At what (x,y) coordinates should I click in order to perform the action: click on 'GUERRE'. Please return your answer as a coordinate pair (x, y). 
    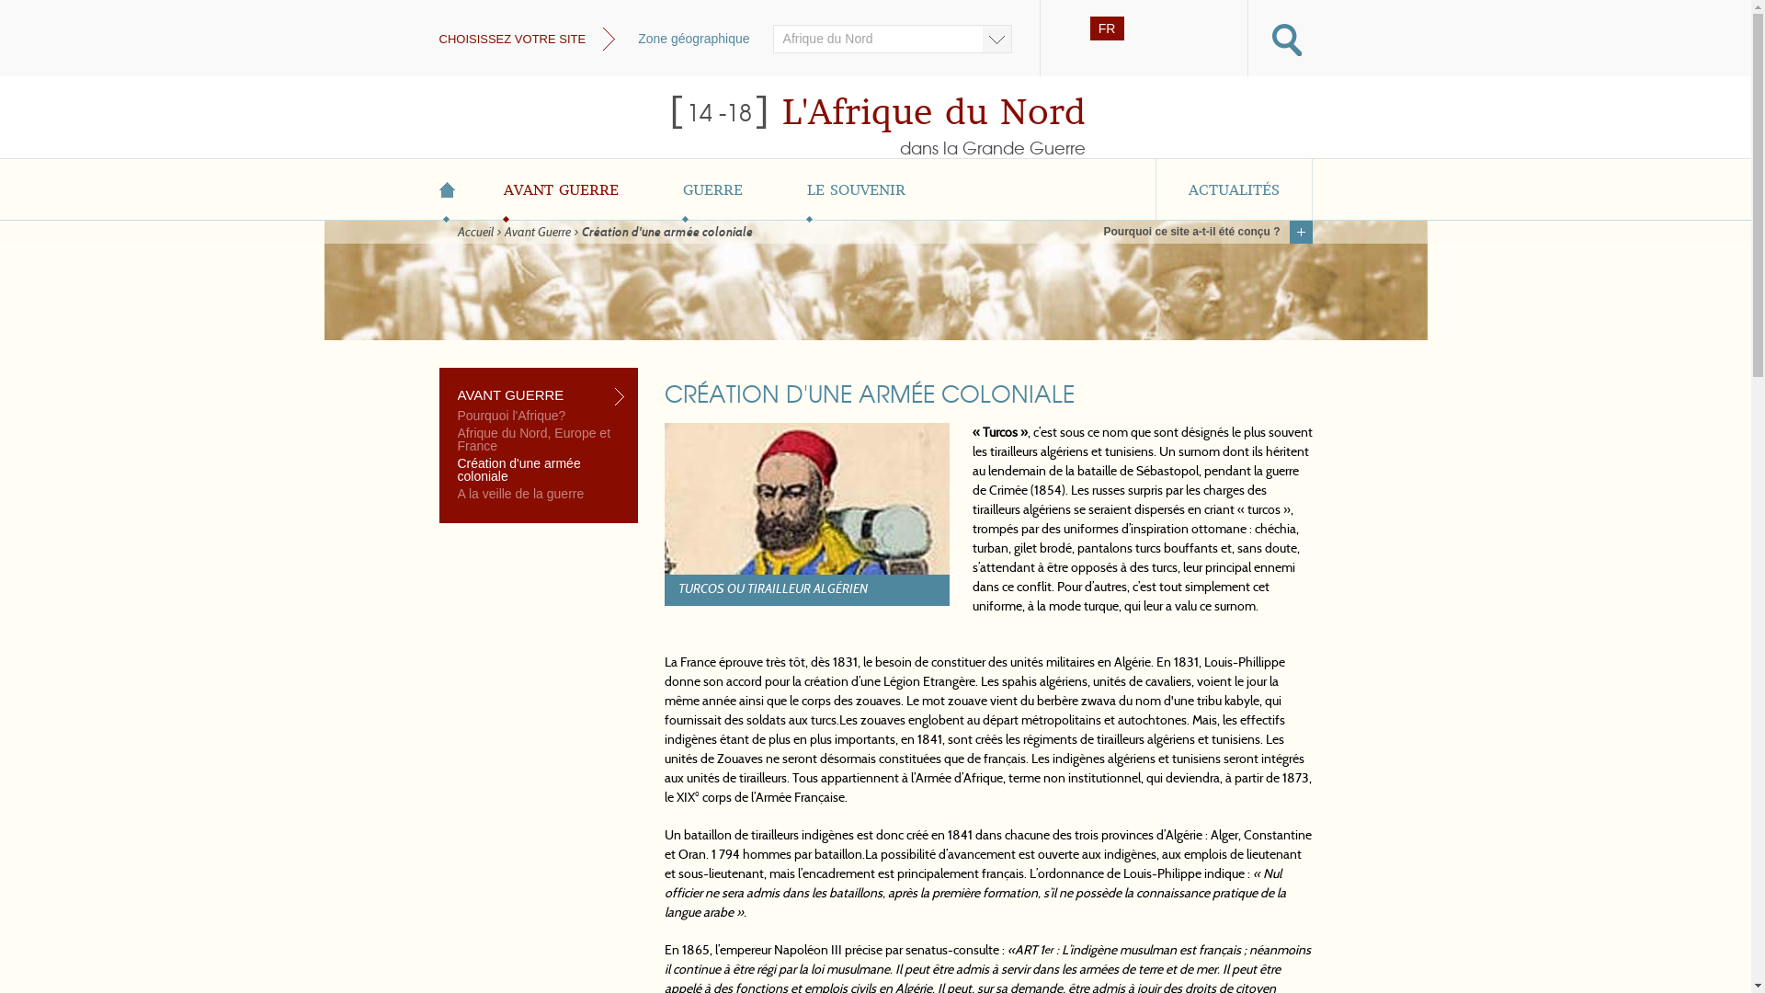
    Looking at the image, I should click on (651, 188).